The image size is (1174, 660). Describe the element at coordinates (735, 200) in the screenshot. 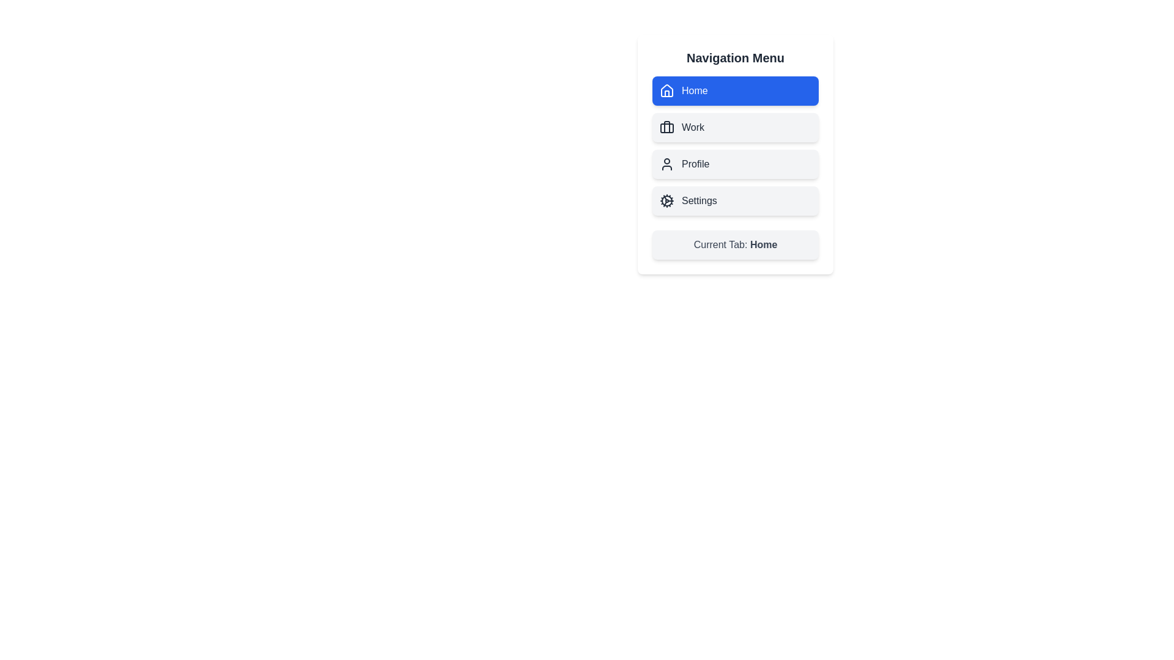

I see `the menu item labeled Settings` at that location.